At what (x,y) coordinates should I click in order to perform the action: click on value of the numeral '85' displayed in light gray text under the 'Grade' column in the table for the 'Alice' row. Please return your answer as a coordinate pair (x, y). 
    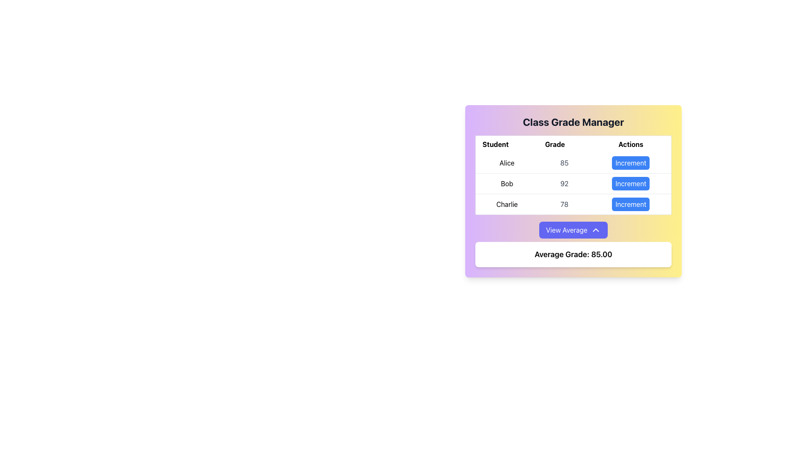
    Looking at the image, I should click on (564, 163).